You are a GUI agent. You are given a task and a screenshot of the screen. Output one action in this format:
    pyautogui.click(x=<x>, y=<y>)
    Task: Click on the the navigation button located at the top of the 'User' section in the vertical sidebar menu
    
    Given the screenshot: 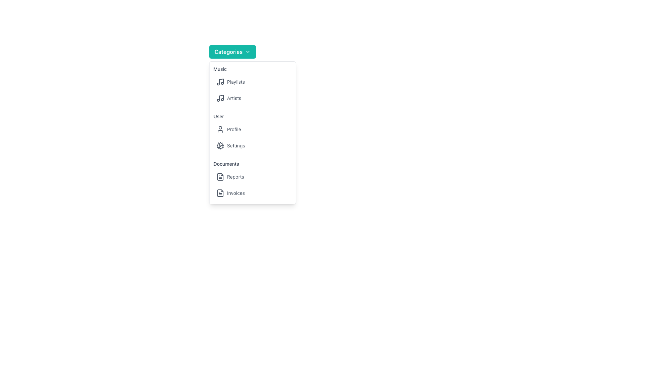 What is the action you would take?
    pyautogui.click(x=252, y=129)
    